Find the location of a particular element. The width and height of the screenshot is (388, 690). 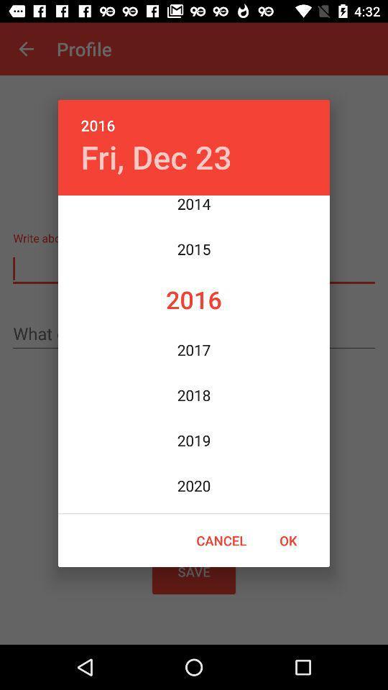

icon below the 2021 item is located at coordinates (288, 540).